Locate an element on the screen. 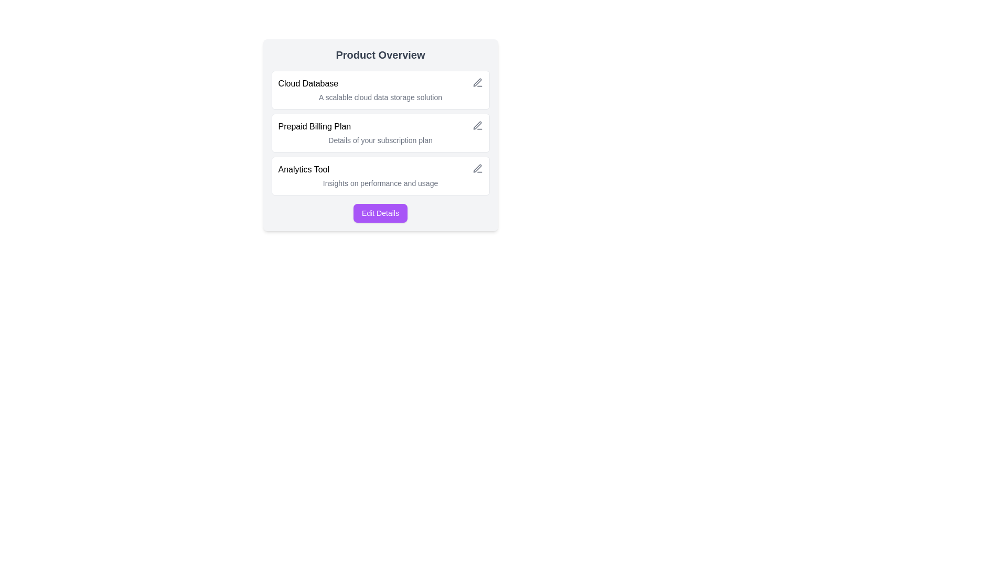 This screenshot has height=566, width=1007. the third selectable list item labeled 'Analytics Tool' under the 'Product Overview' section is located at coordinates (380, 175).